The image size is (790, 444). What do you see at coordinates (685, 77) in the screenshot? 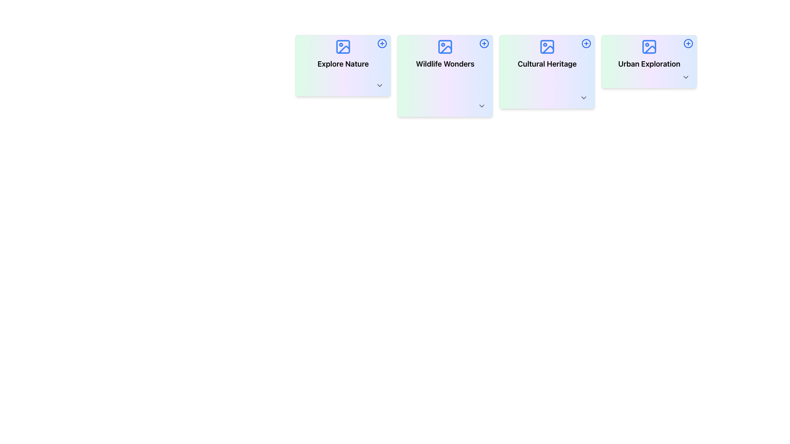
I see `the dropdown toggle icon located at the bottom-right corner of the 'Urban Exploration' card` at bounding box center [685, 77].